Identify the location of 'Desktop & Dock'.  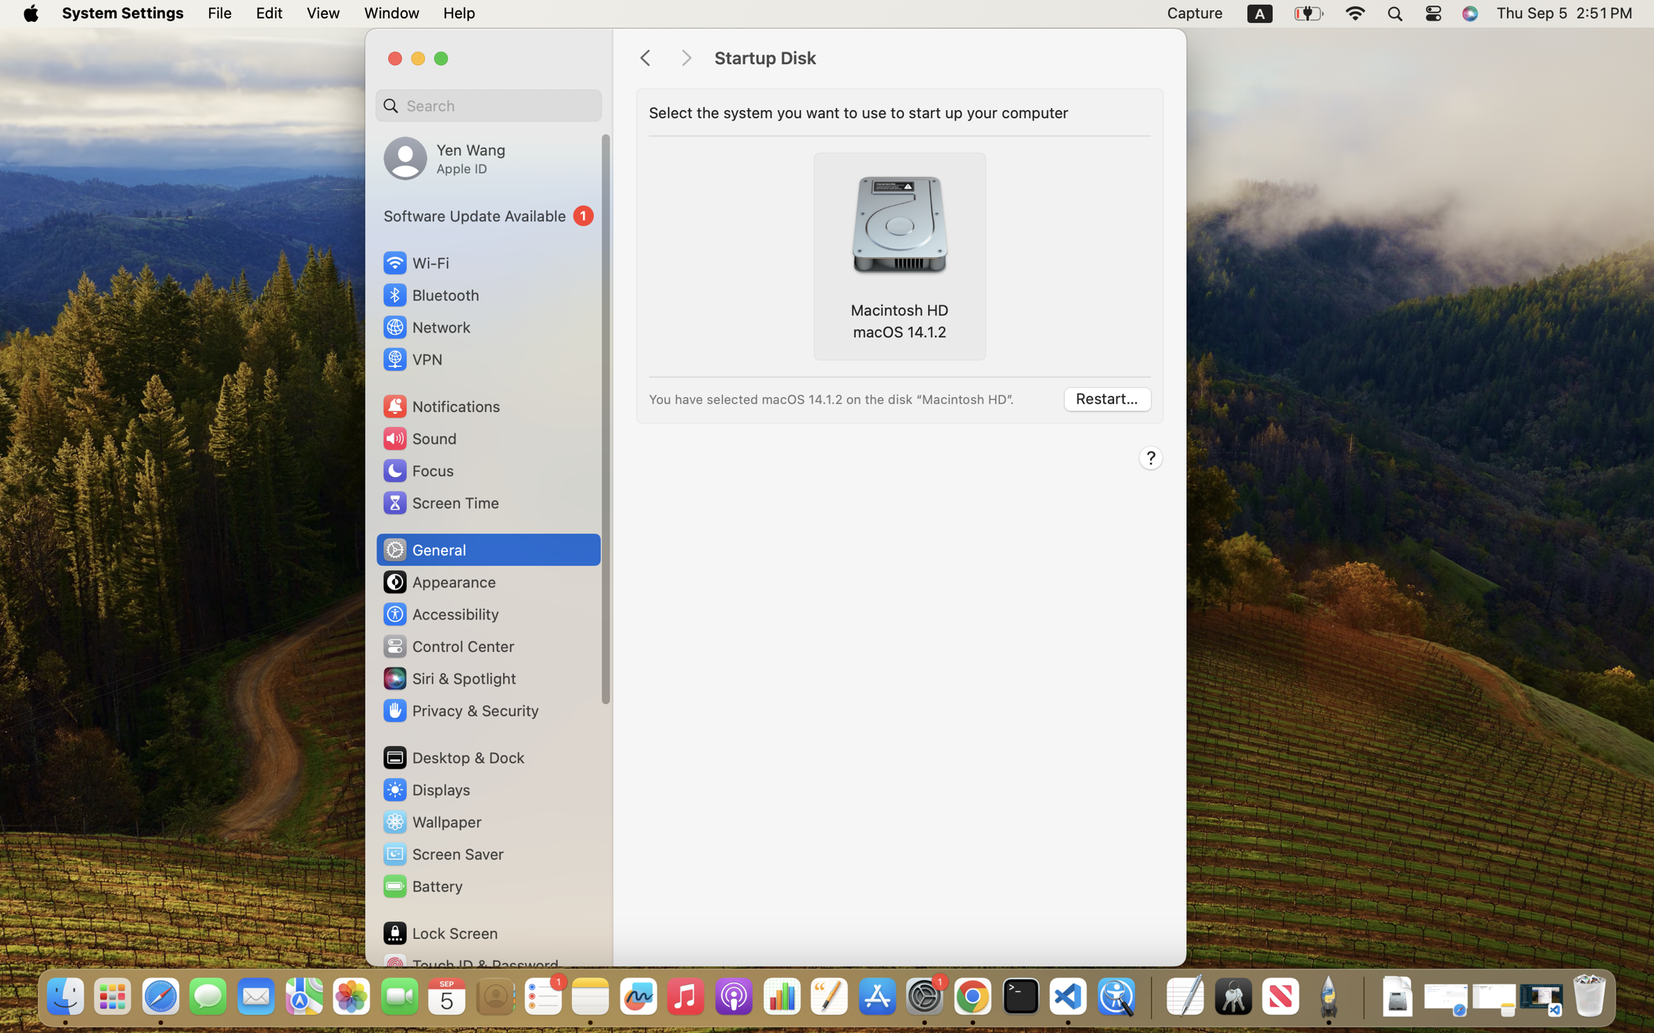
(452, 757).